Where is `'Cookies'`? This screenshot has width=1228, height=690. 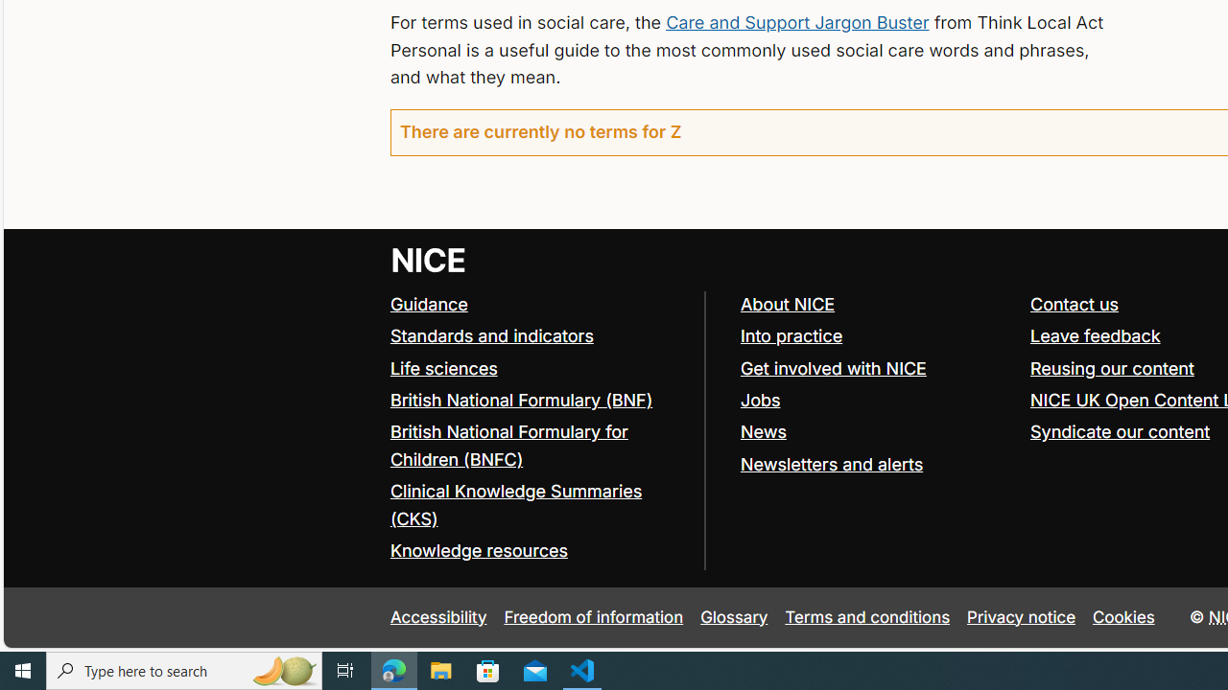
'Cookies' is located at coordinates (1123, 617).